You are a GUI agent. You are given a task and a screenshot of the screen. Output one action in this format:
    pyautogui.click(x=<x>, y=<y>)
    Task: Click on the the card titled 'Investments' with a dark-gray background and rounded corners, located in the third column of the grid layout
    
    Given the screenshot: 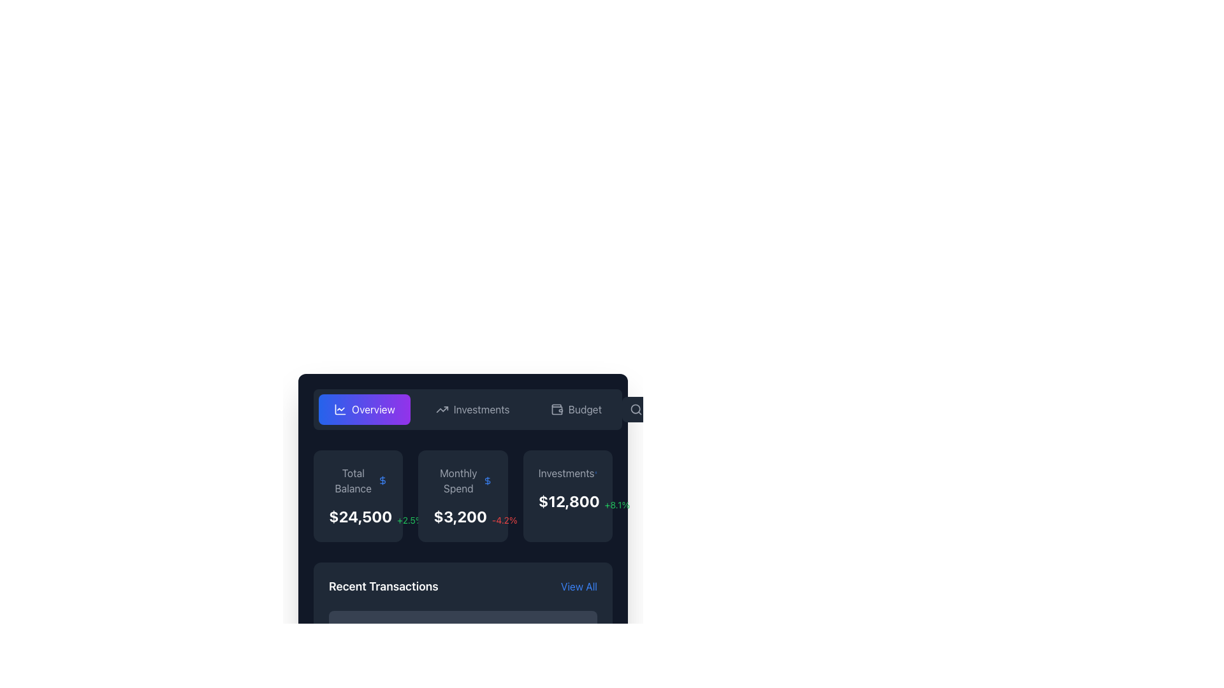 What is the action you would take?
    pyautogui.click(x=567, y=496)
    